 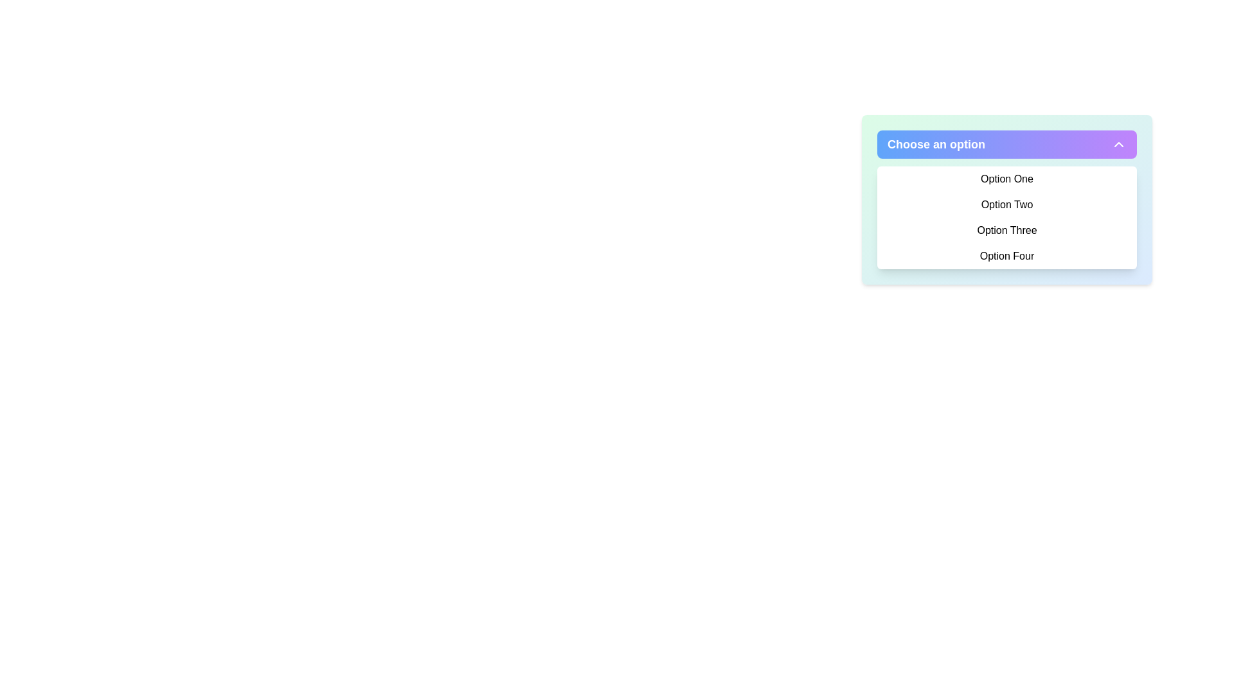 I want to click on the third option in the dropdown menu labeled 'Choose an option', so click(x=1006, y=229).